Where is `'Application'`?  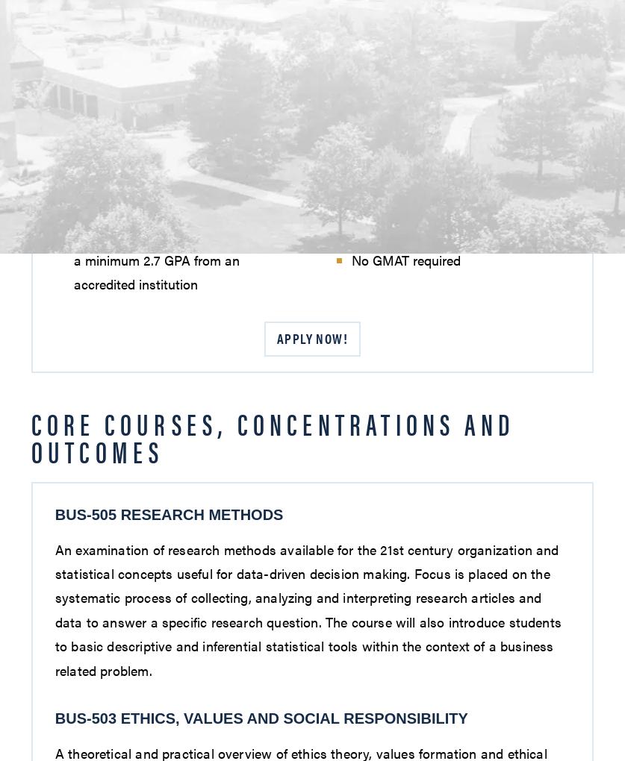 'Application' is located at coordinates (108, 197).